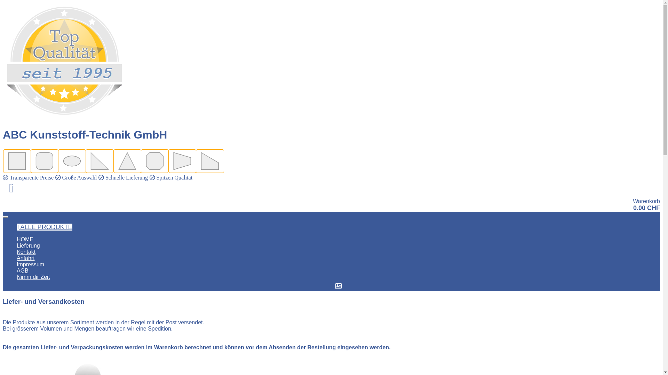  I want to click on 'AGB', so click(23, 270).